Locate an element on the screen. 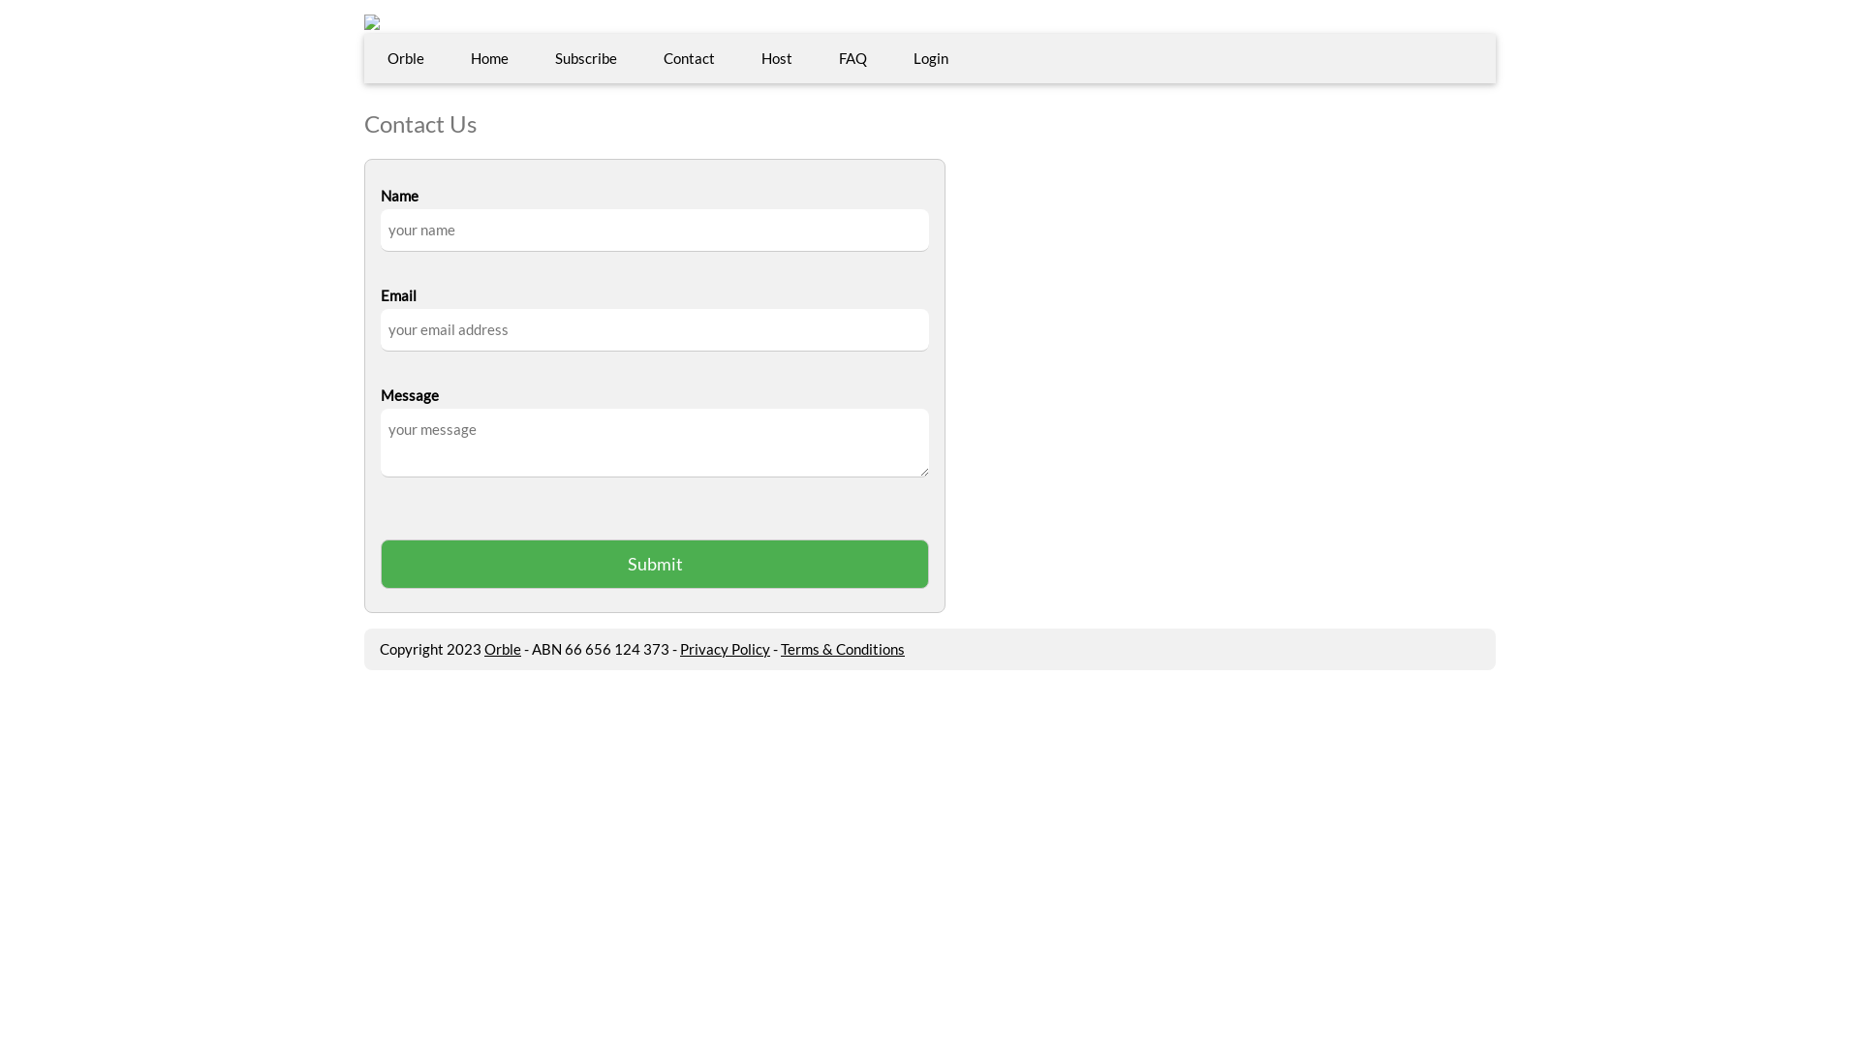 The image size is (1860, 1046). 'Home' is located at coordinates (489, 57).